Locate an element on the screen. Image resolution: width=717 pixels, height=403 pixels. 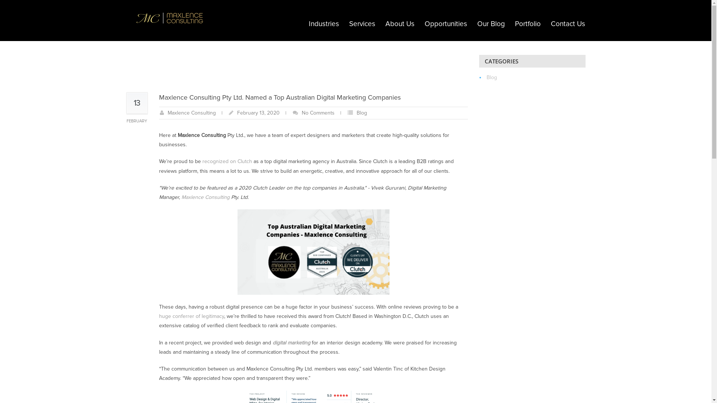
'Blog' is located at coordinates (491, 77).